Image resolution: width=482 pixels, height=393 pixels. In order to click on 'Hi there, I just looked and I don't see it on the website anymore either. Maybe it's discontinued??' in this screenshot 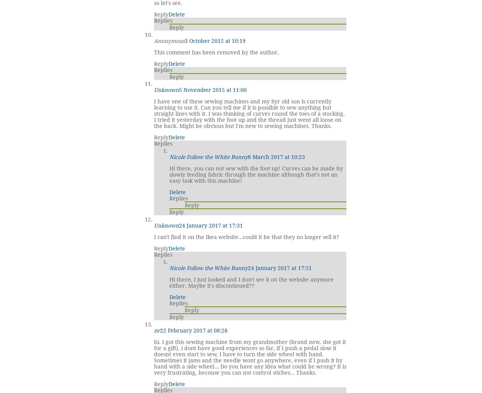, I will do `click(169, 282)`.